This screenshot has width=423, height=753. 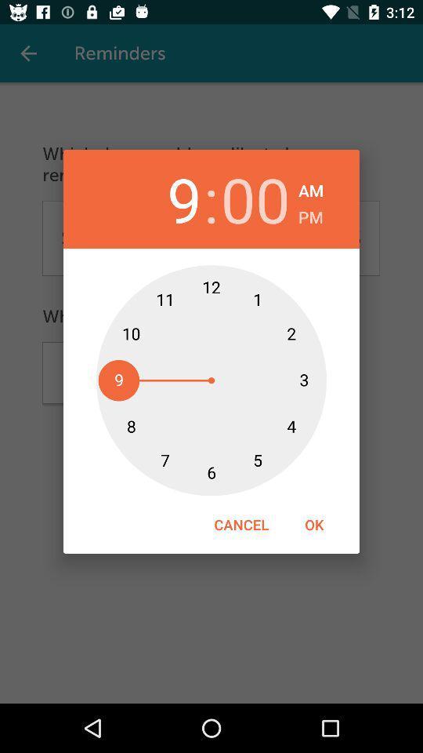 I want to click on the item next to the 00, so click(x=311, y=188).